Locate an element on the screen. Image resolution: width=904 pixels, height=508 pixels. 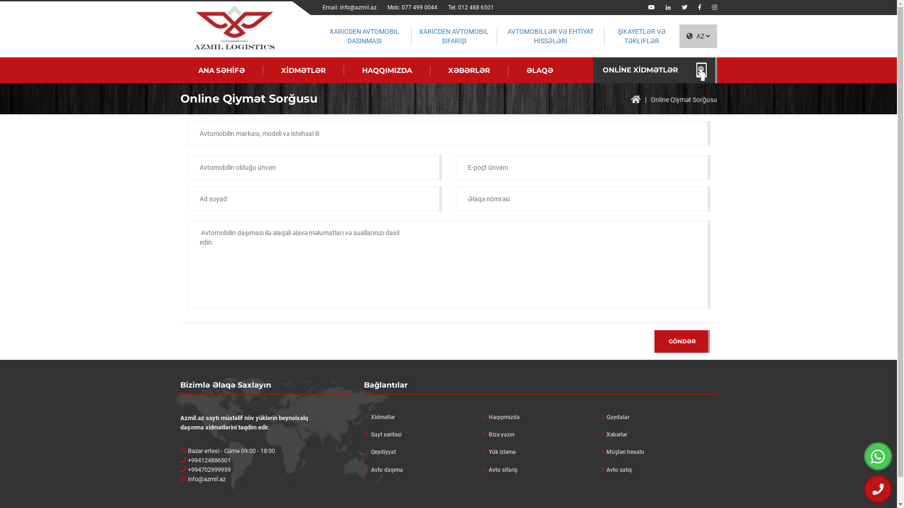
'XARICDEN AVTOMOBIL DASINMASI' is located at coordinates (363, 36).